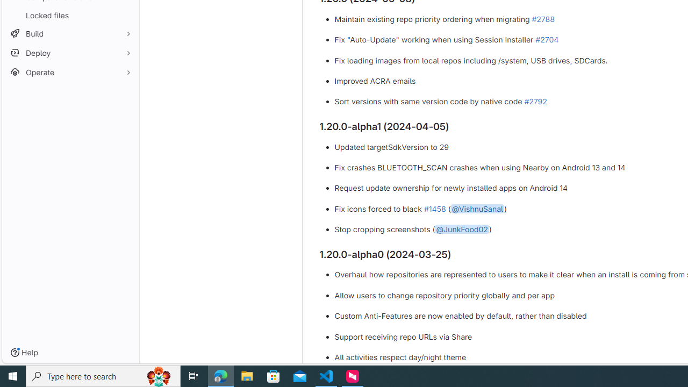  Describe the element at coordinates (547, 39) in the screenshot. I see `'#2704'` at that location.